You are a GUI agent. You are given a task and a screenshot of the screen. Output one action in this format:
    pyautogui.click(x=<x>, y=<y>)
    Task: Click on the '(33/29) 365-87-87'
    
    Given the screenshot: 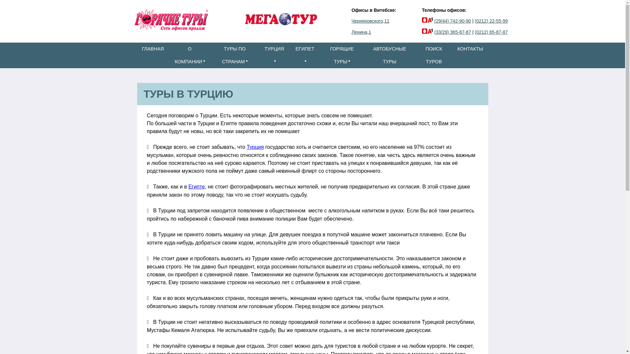 What is the action you would take?
    pyautogui.click(x=452, y=32)
    